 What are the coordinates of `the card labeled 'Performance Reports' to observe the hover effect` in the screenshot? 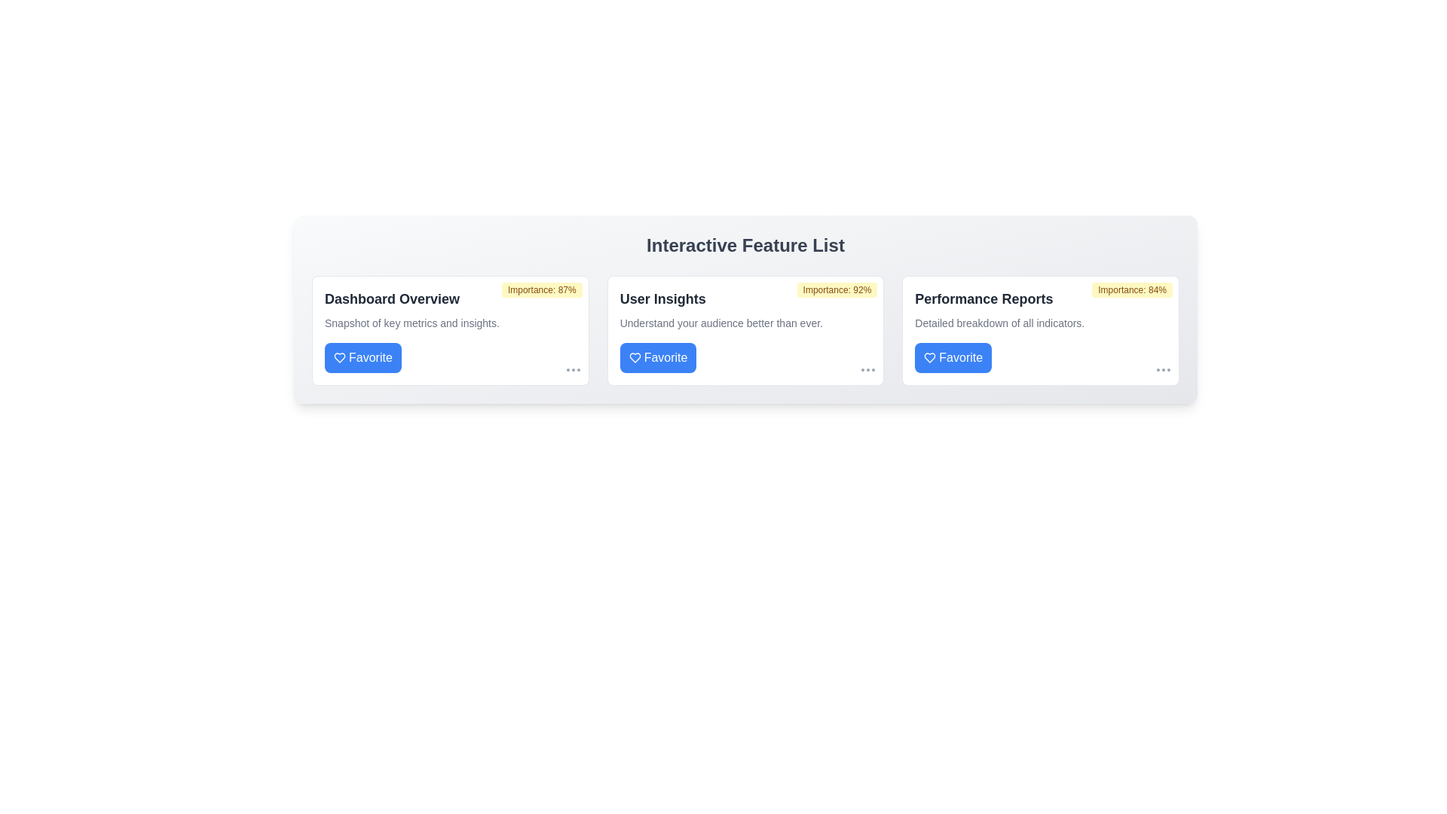 It's located at (1040, 330).